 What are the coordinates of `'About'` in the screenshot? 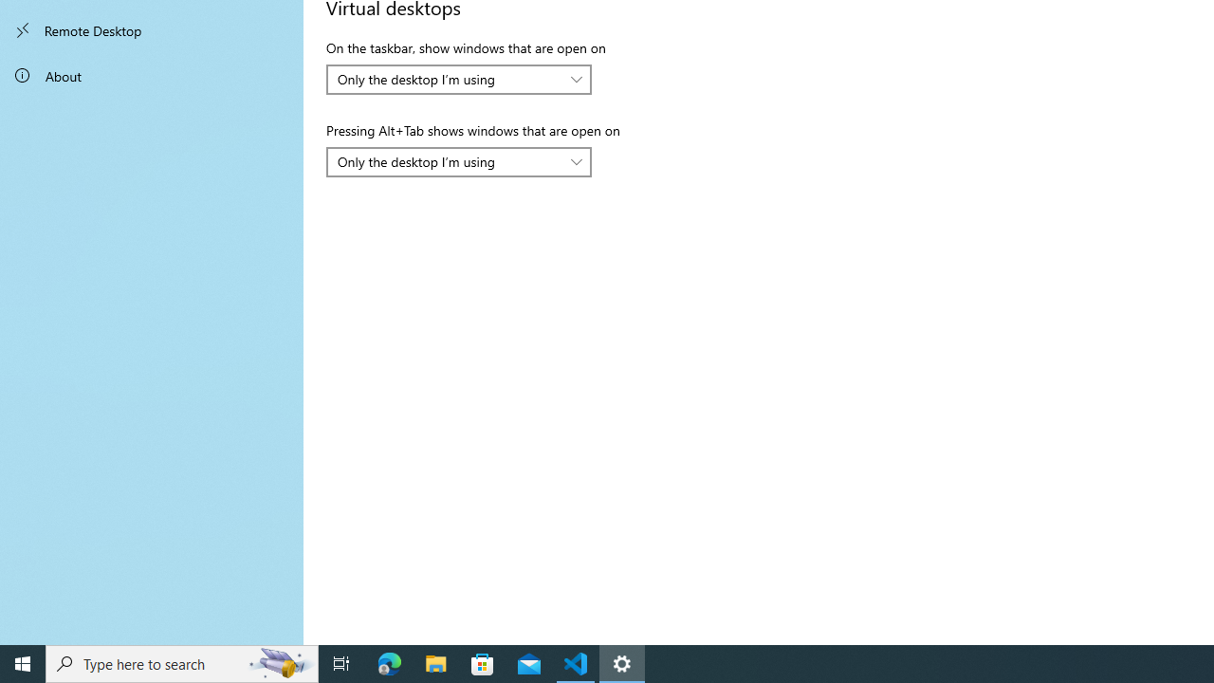 It's located at (152, 74).